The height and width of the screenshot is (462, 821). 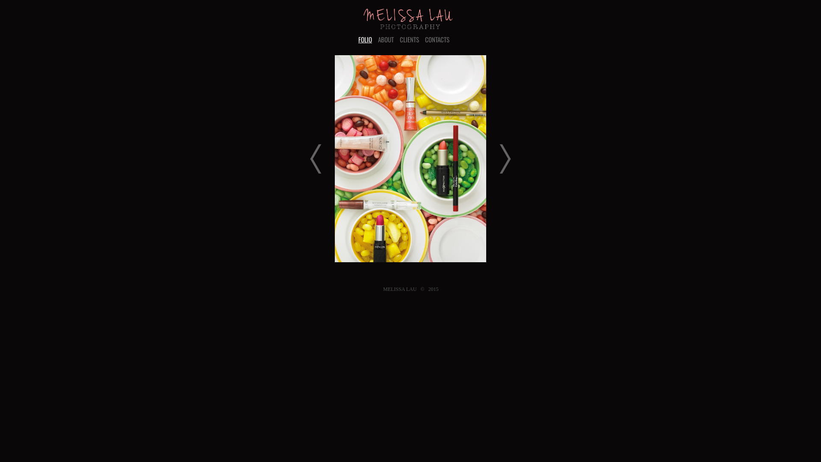 I want to click on 'CLIENTS', so click(x=399, y=39).